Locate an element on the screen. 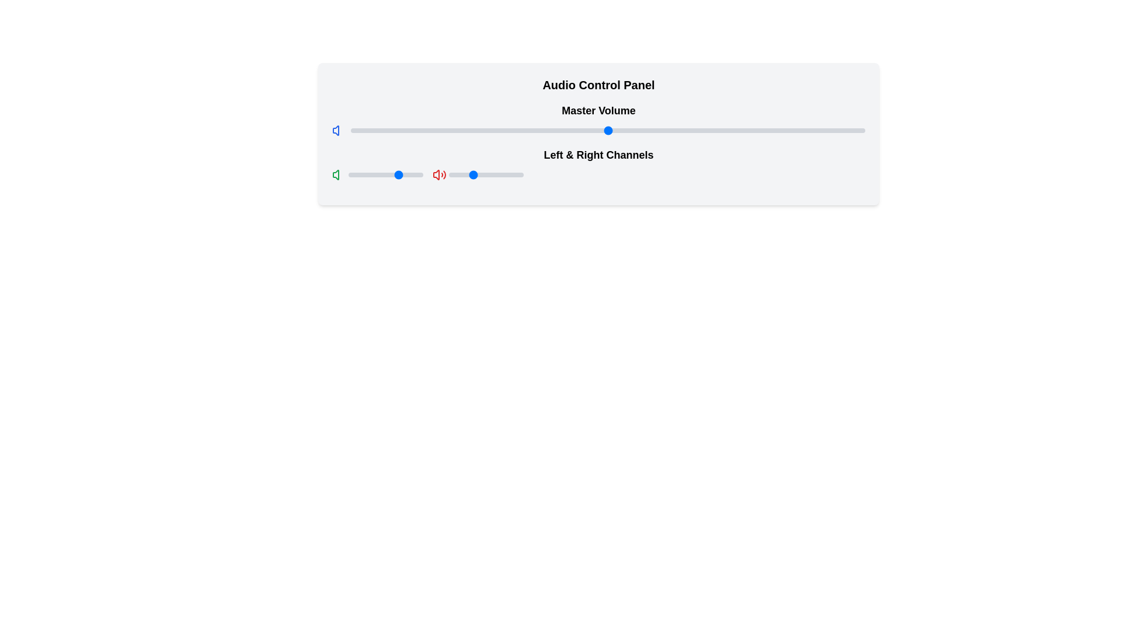 This screenshot has width=1121, height=630. the master volume is located at coordinates (628, 130).